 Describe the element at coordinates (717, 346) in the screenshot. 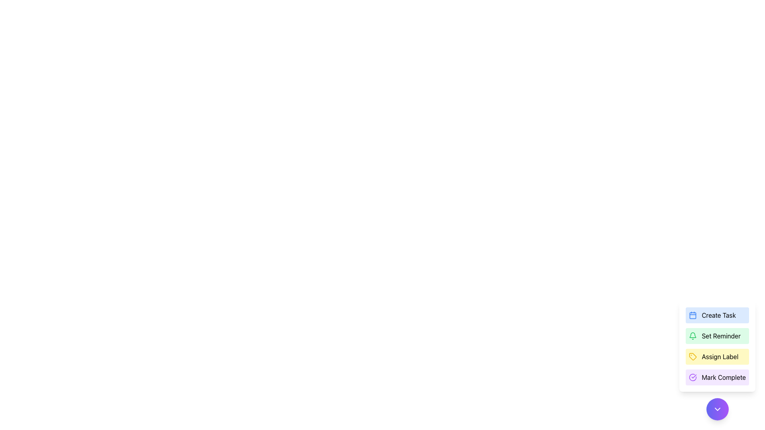

I see `the 'Assign Label' button in the lower-right section of the interface, which is the third item in the stacked menu list of buttons` at that location.